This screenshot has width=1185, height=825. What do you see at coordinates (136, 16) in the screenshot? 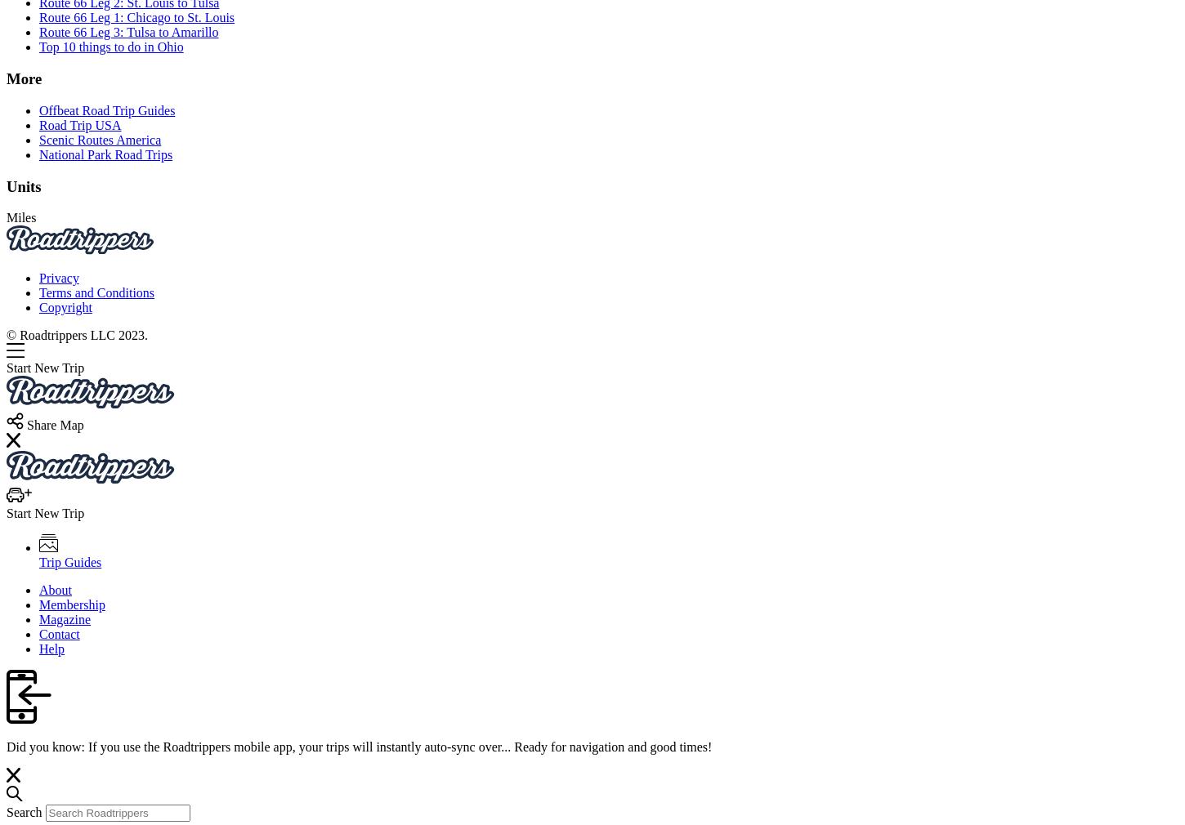
I see `'Route 66 Leg 1: Chicago to St. Louis'` at bounding box center [136, 16].